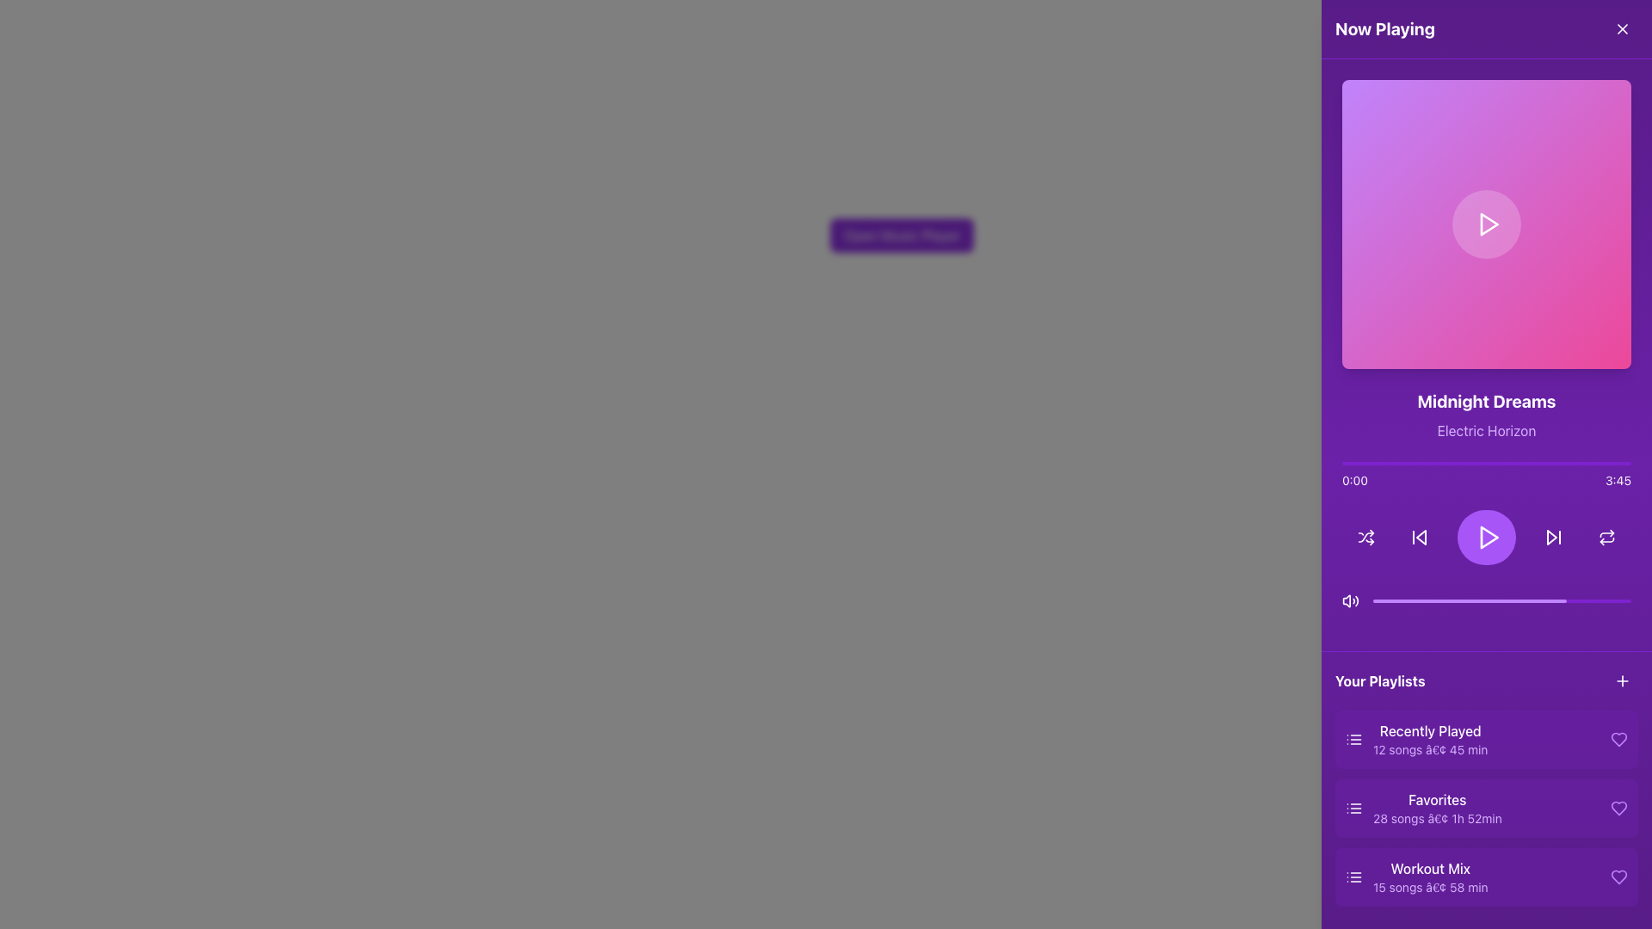  What do you see at coordinates (1606, 538) in the screenshot?
I see `the repeat button icon located at the bottom-right of the music player interface, which toggles the repeat functionality for the track or playlist` at bounding box center [1606, 538].